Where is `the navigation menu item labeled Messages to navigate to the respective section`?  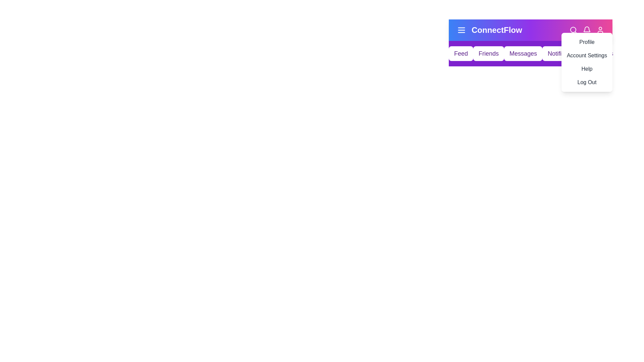
the navigation menu item labeled Messages to navigate to the respective section is located at coordinates (523, 53).